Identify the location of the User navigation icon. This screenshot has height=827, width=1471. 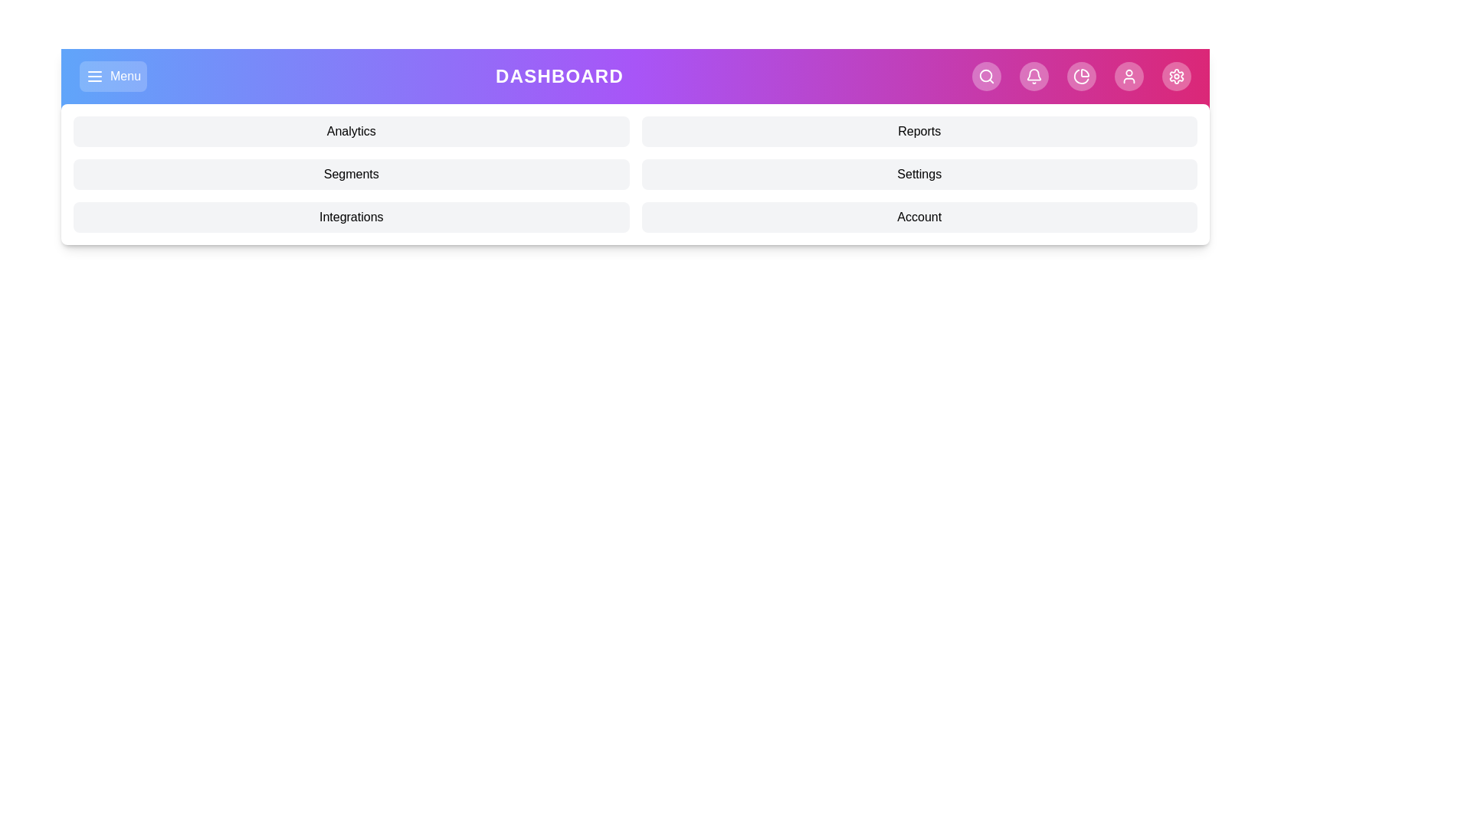
(1129, 77).